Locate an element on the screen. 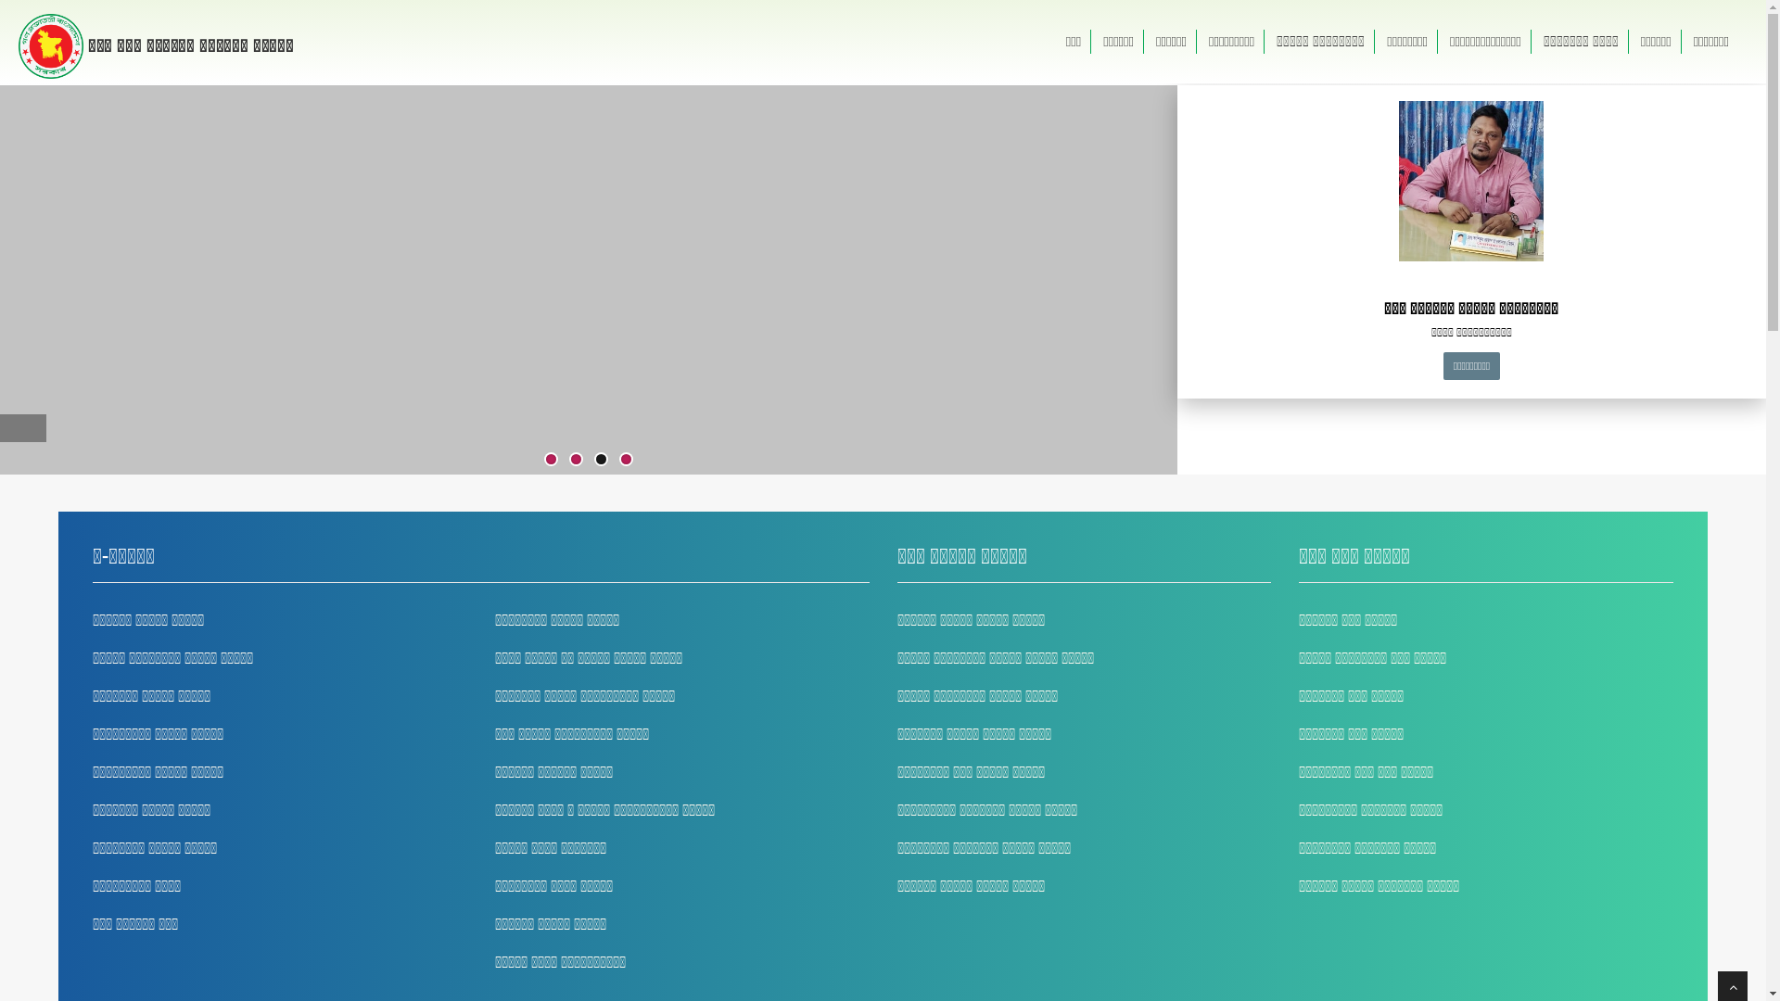  '1' is located at coordinates (550, 459).